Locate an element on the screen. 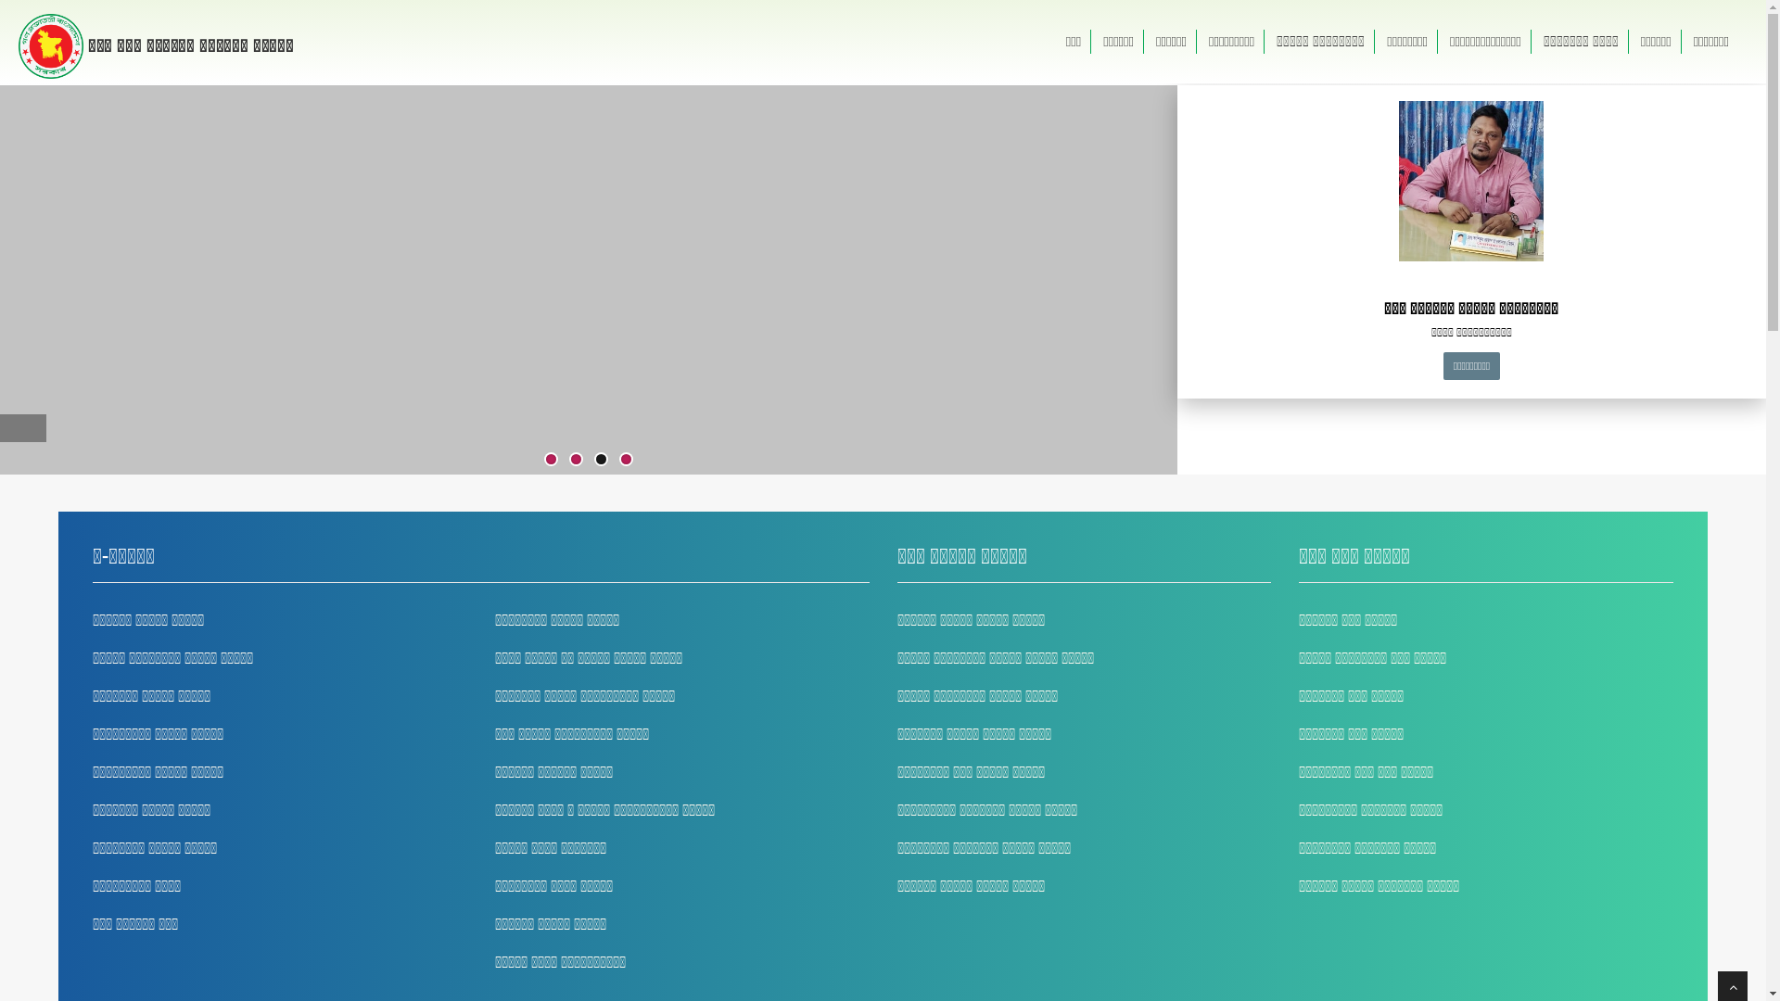  '1' is located at coordinates (550, 459).